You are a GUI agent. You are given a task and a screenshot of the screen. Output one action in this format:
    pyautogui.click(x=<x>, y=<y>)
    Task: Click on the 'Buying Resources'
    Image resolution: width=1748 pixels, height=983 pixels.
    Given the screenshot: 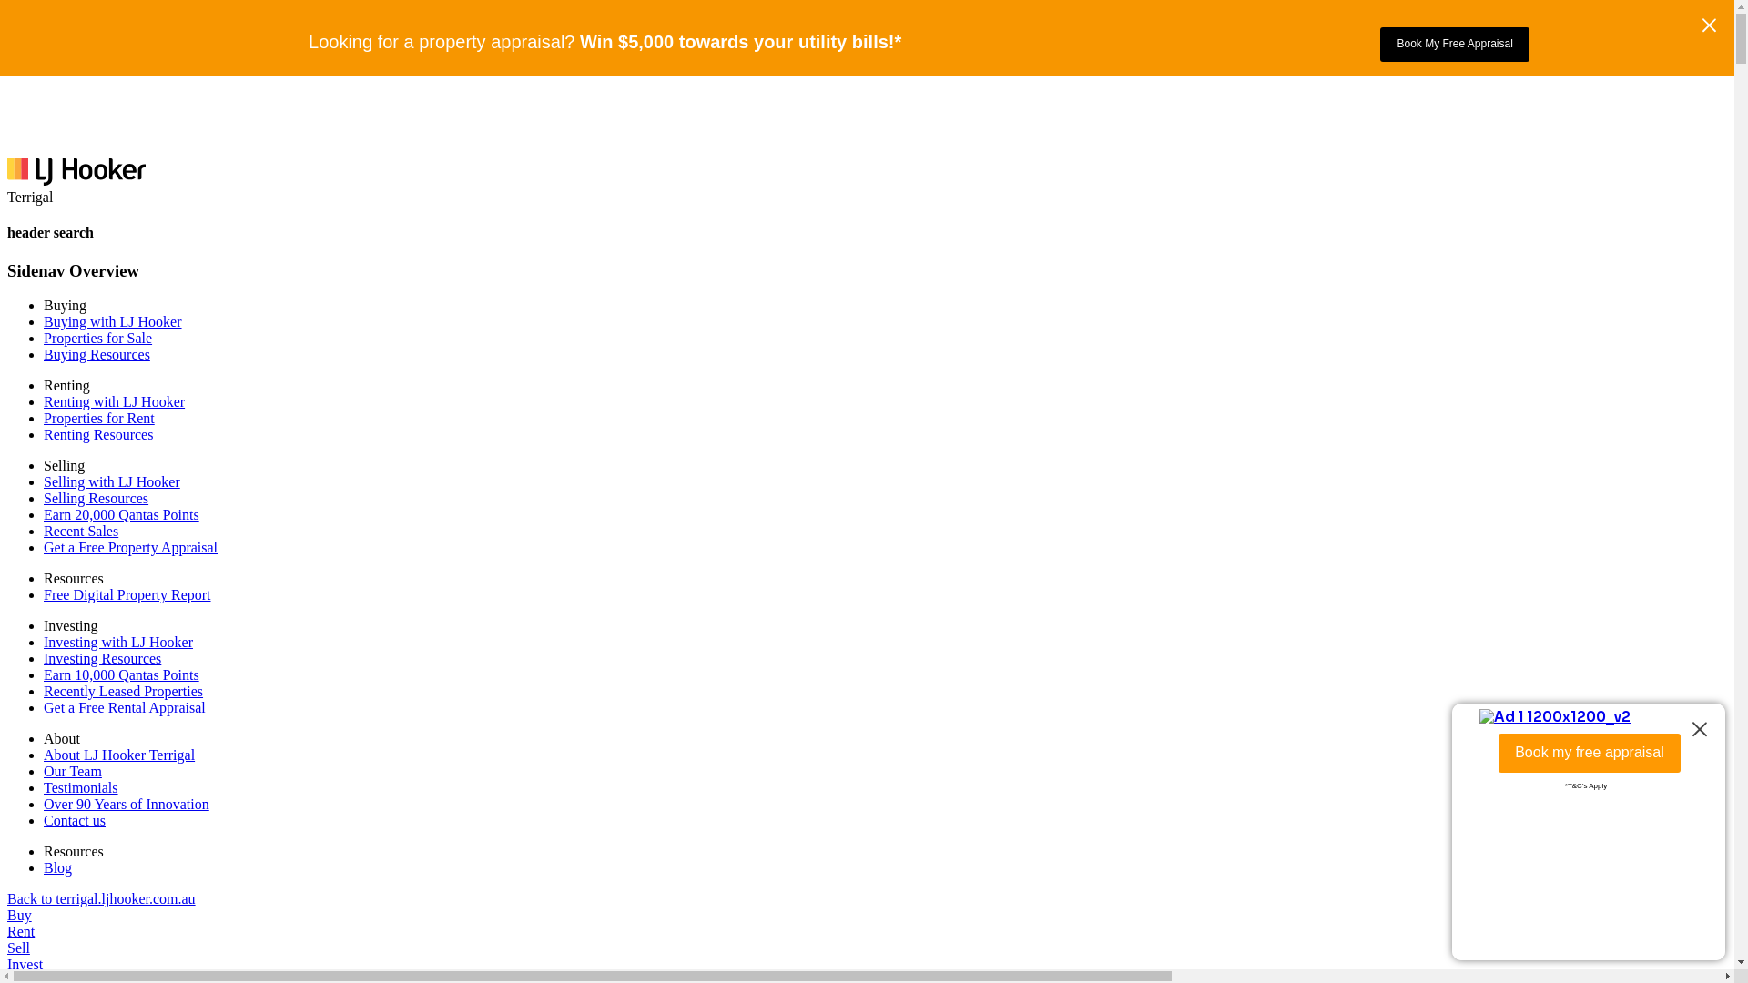 What is the action you would take?
    pyautogui.click(x=96, y=354)
    